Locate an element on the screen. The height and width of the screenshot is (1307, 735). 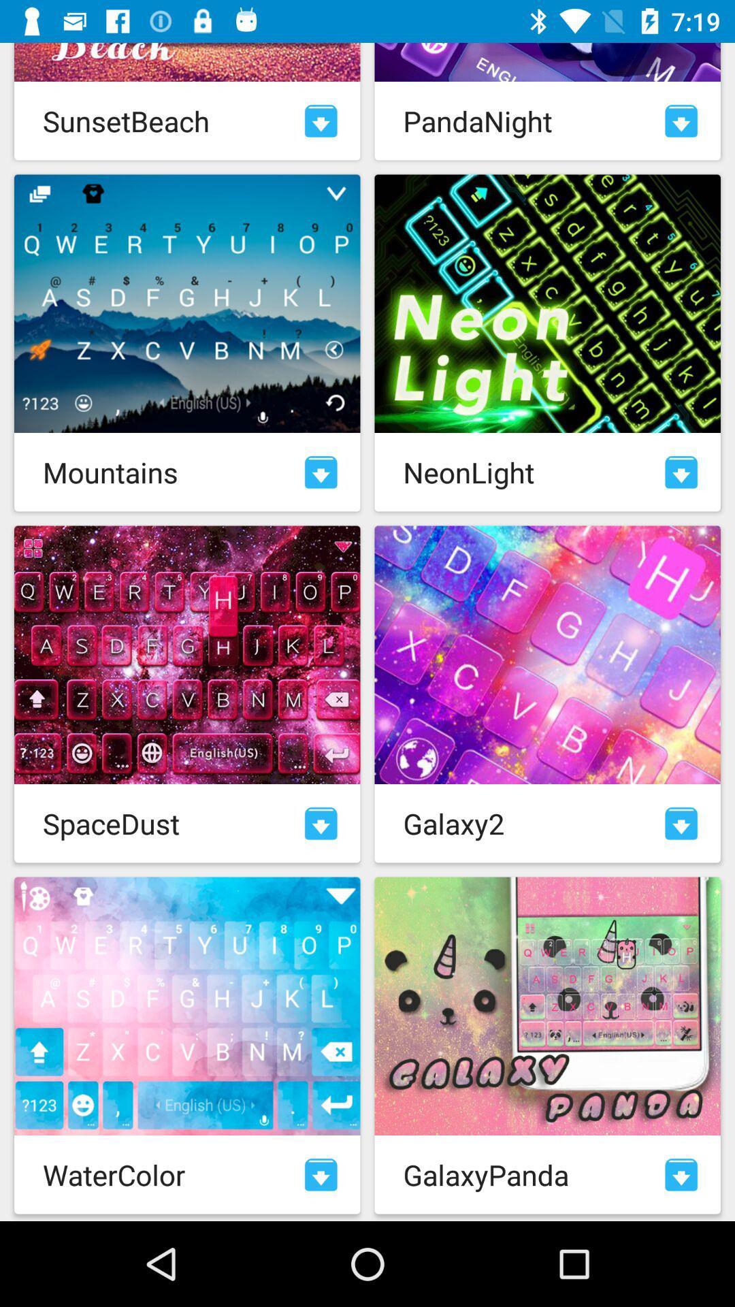
download theme is located at coordinates (321, 1174).